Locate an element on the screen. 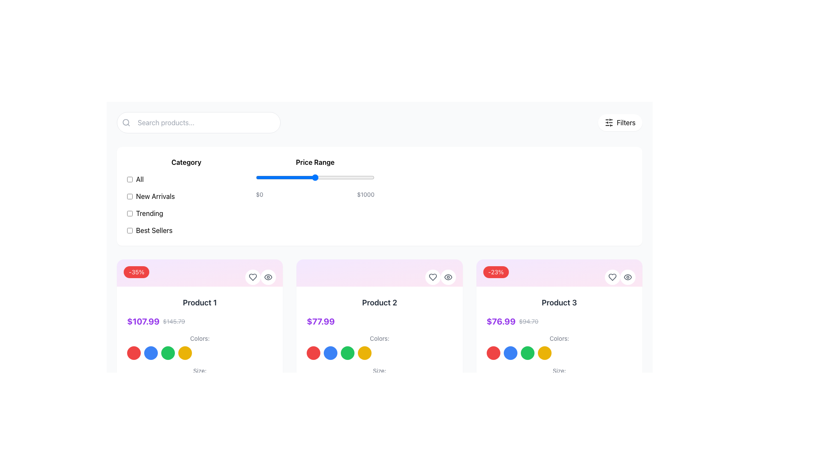  the checkbox next to the 'All' text label is located at coordinates (139, 178).